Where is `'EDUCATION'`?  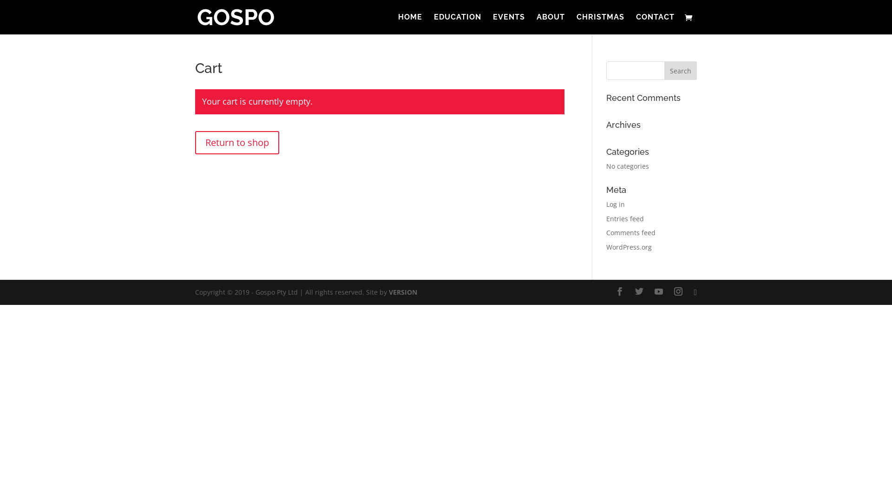 'EDUCATION' is located at coordinates (433, 23).